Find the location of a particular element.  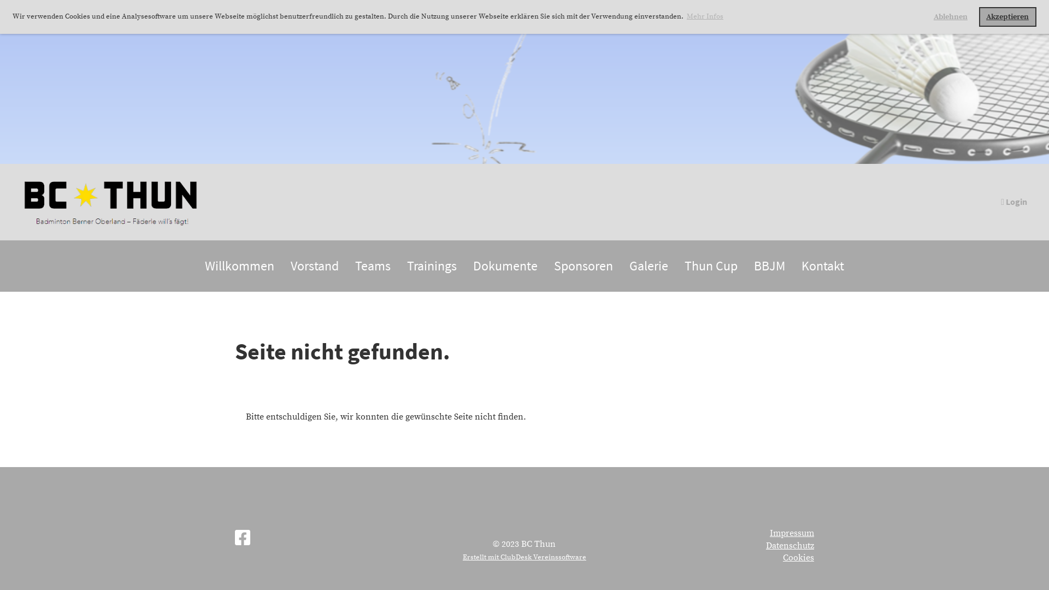

'Mehr Infos' is located at coordinates (705, 16).